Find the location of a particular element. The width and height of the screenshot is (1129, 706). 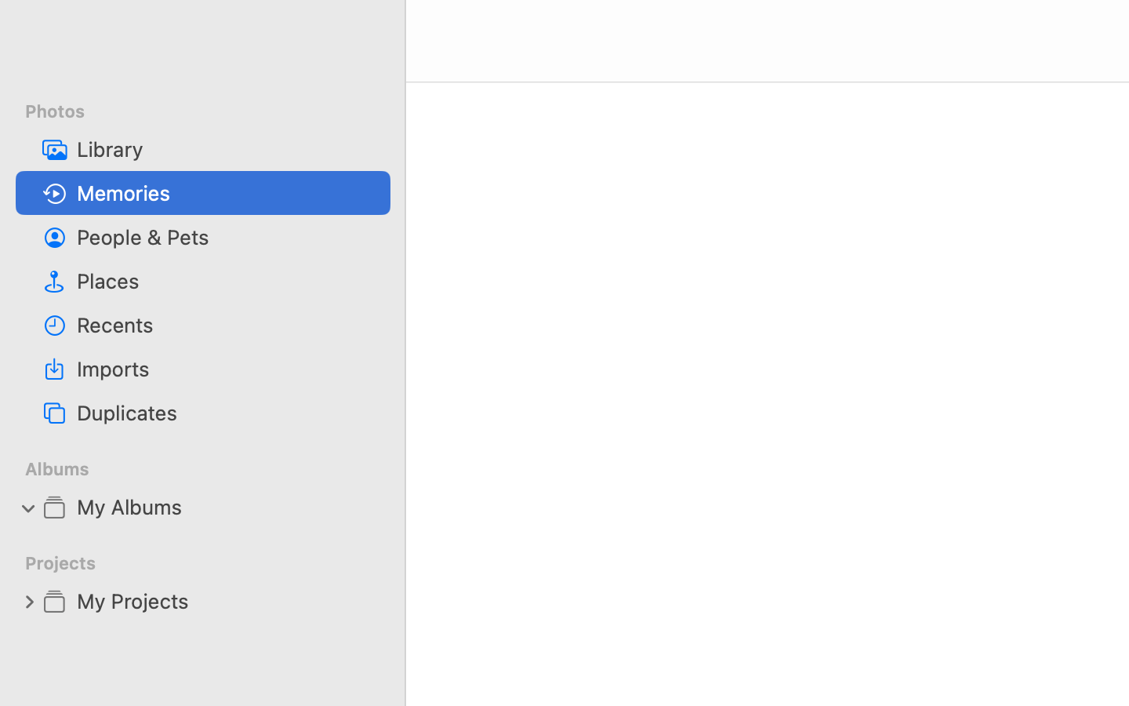

'Places' is located at coordinates (227, 281).